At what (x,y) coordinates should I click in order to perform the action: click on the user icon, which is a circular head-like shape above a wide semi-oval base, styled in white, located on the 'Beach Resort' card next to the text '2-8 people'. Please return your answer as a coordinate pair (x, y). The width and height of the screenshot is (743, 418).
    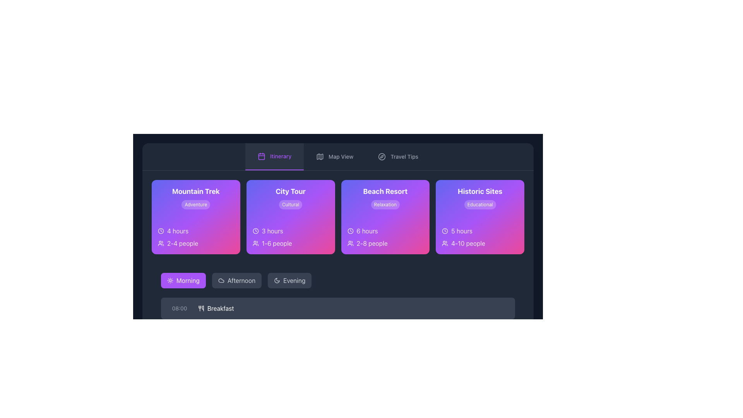
    Looking at the image, I should click on (350, 243).